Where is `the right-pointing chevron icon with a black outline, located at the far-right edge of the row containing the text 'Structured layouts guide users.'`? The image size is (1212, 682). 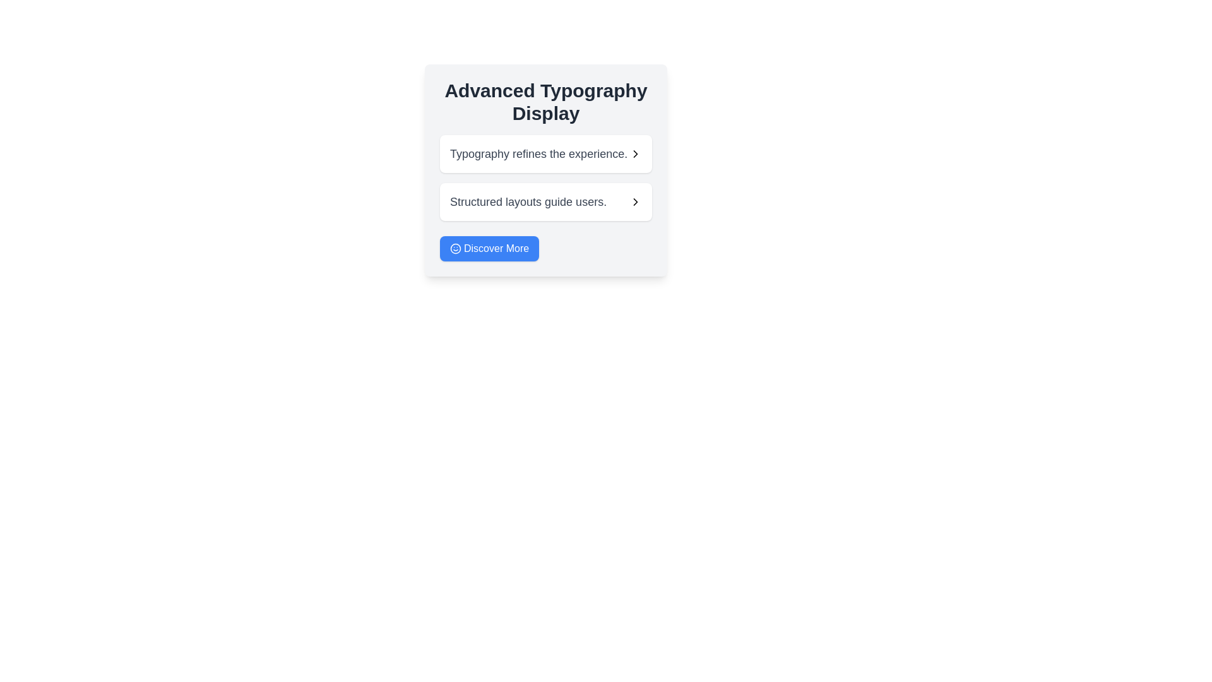
the right-pointing chevron icon with a black outline, located at the far-right edge of the row containing the text 'Structured layouts guide users.' is located at coordinates (636, 201).